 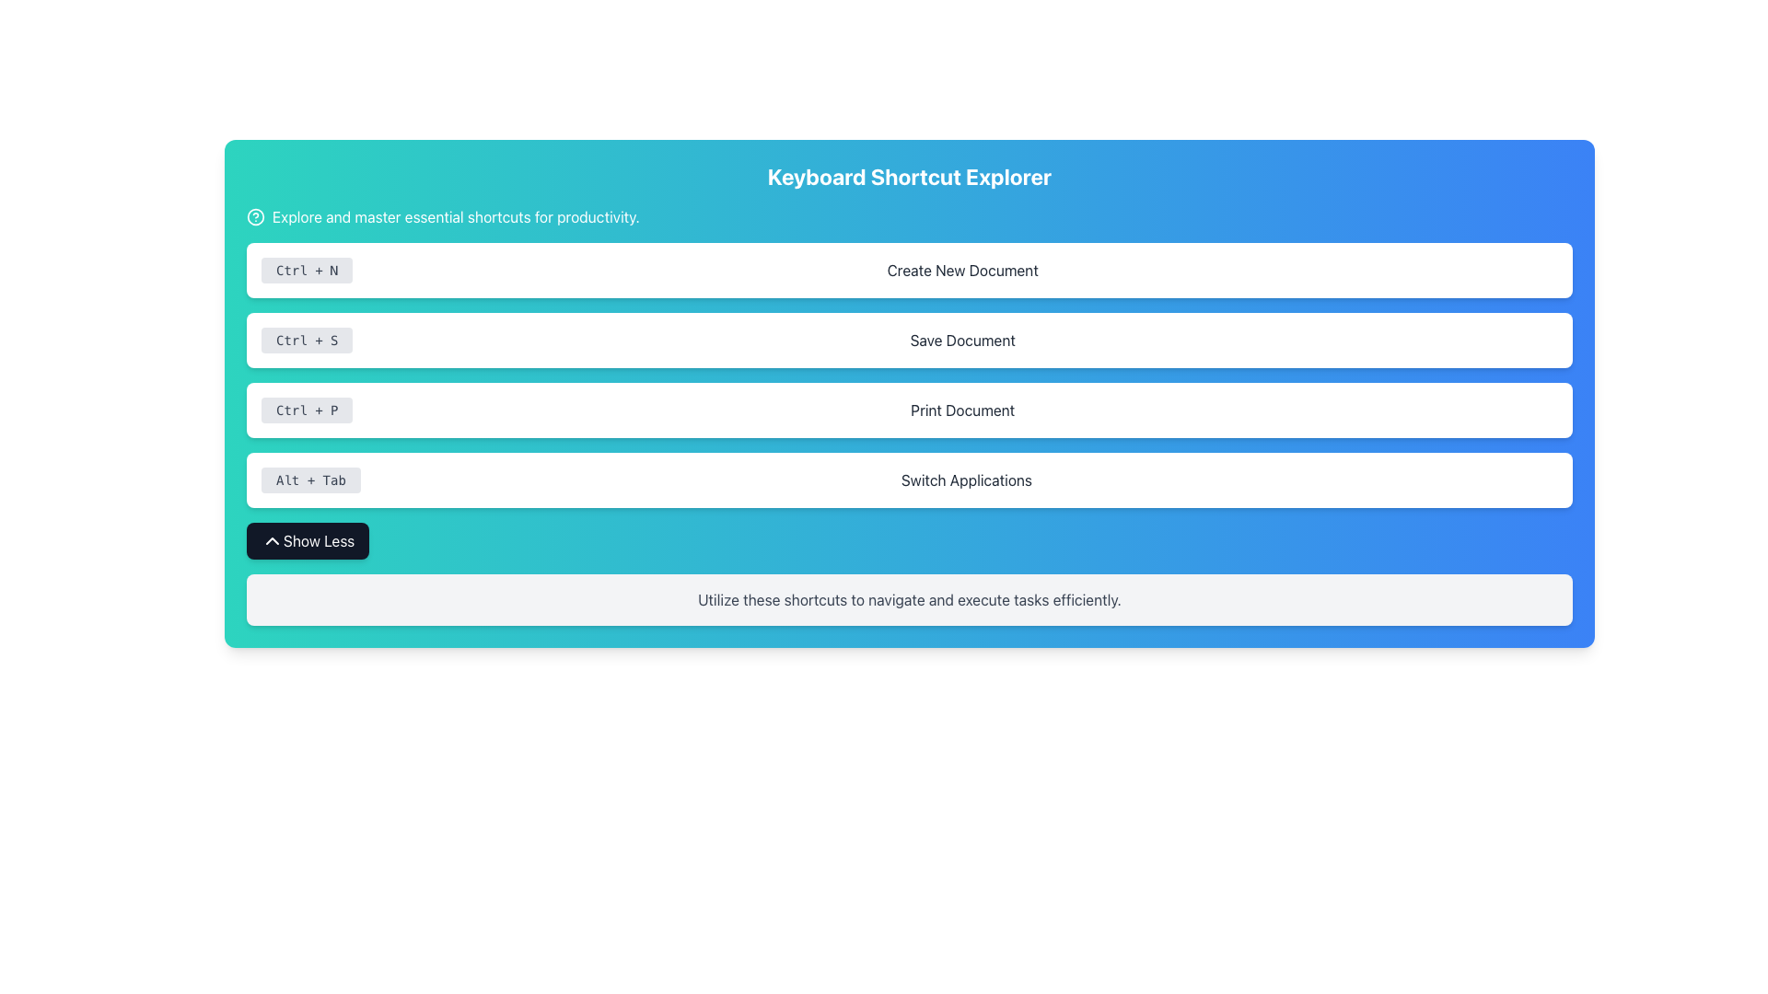 What do you see at coordinates (961, 270) in the screenshot?
I see `the text label displaying 'Create New Document' in black font, which is aligned to the right of the 'Ctrl + N' gray box` at bounding box center [961, 270].